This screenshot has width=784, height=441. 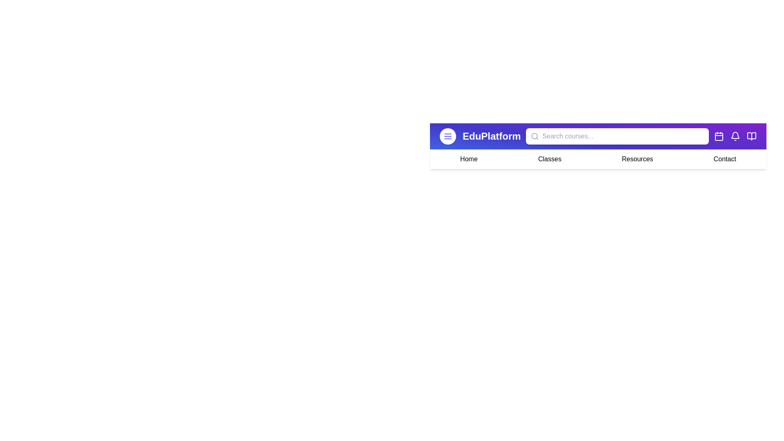 What do you see at coordinates (448, 136) in the screenshot?
I see `the menu button to toggle the menu visibility` at bounding box center [448, 136].